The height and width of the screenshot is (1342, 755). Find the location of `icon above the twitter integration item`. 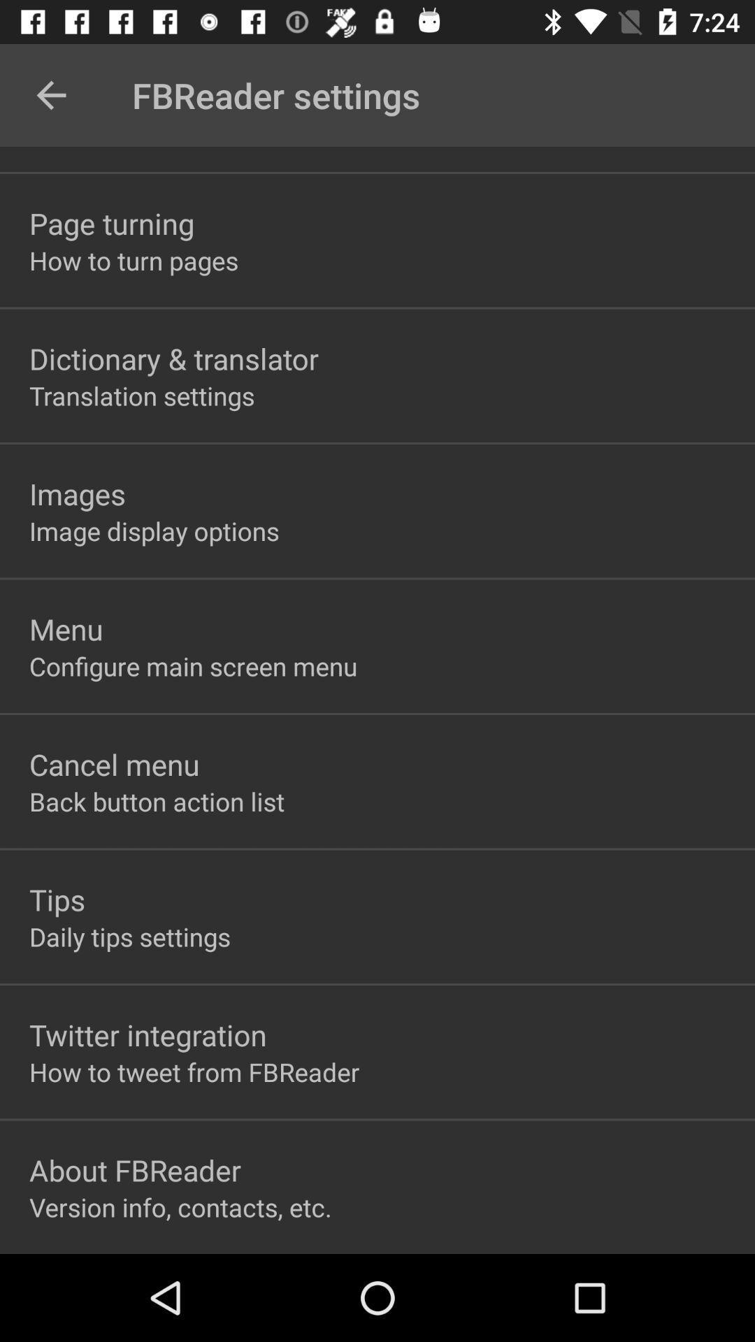

icon above the twitter integration item is located at coordinates (129, 937).